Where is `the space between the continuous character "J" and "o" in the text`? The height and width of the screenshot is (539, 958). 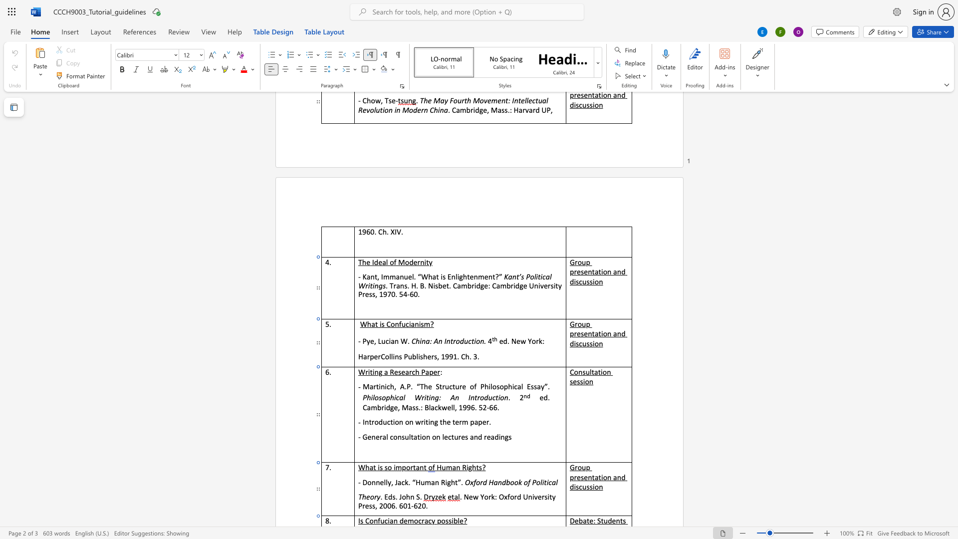 the space between the continuous character "J" and "o" in the text is located at coordinates (402, 497).